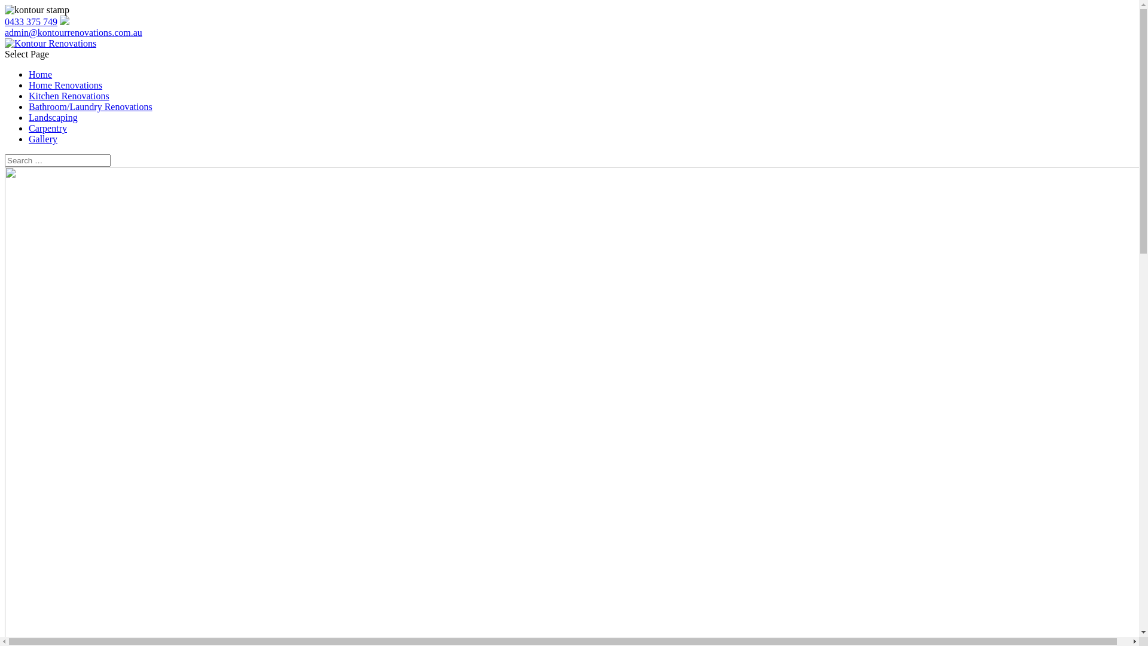 This screenshot has width=1148, height=646. What do you see at coordinates (73, 32) in the screenshot?
I see `'admin@kontourrenovations.com.au'` at bounding box center [73, 32].